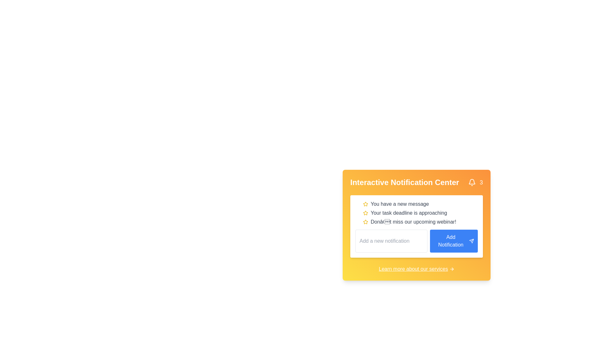 This screenshot has width=612, height=344. Describe the element at coordinates (366, 204) in the screenshot. I see `the decorative star icon indicating importance next to the 'You have a new message' text in the notification center` at that location.